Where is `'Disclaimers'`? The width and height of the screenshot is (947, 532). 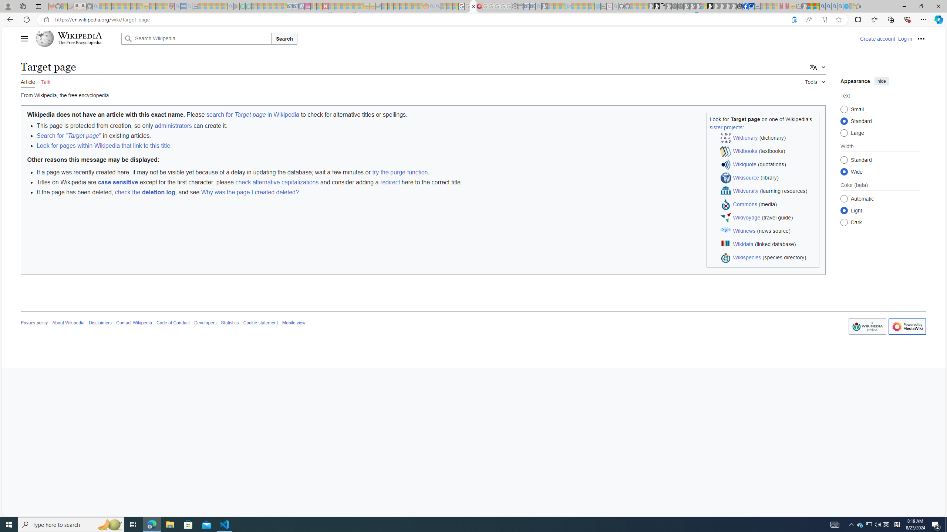 'Disclaimers' is located at coordinates (100, 323).